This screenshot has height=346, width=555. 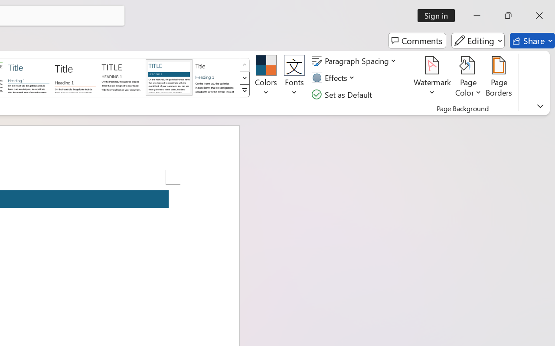 I want to click on 'Editing', so click(x=477, y=41).